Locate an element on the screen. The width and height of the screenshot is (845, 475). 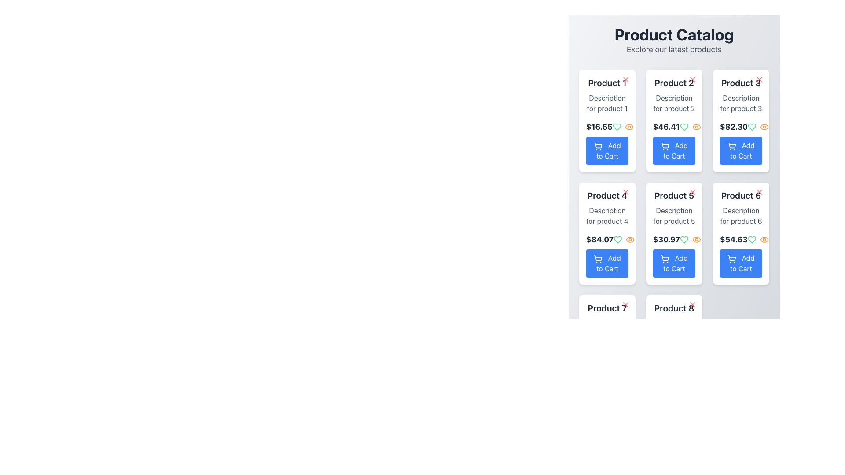
the bolded price label displaying '$54.63' located on the sixth product card in the product catalog is located at coordinates (741, 239).